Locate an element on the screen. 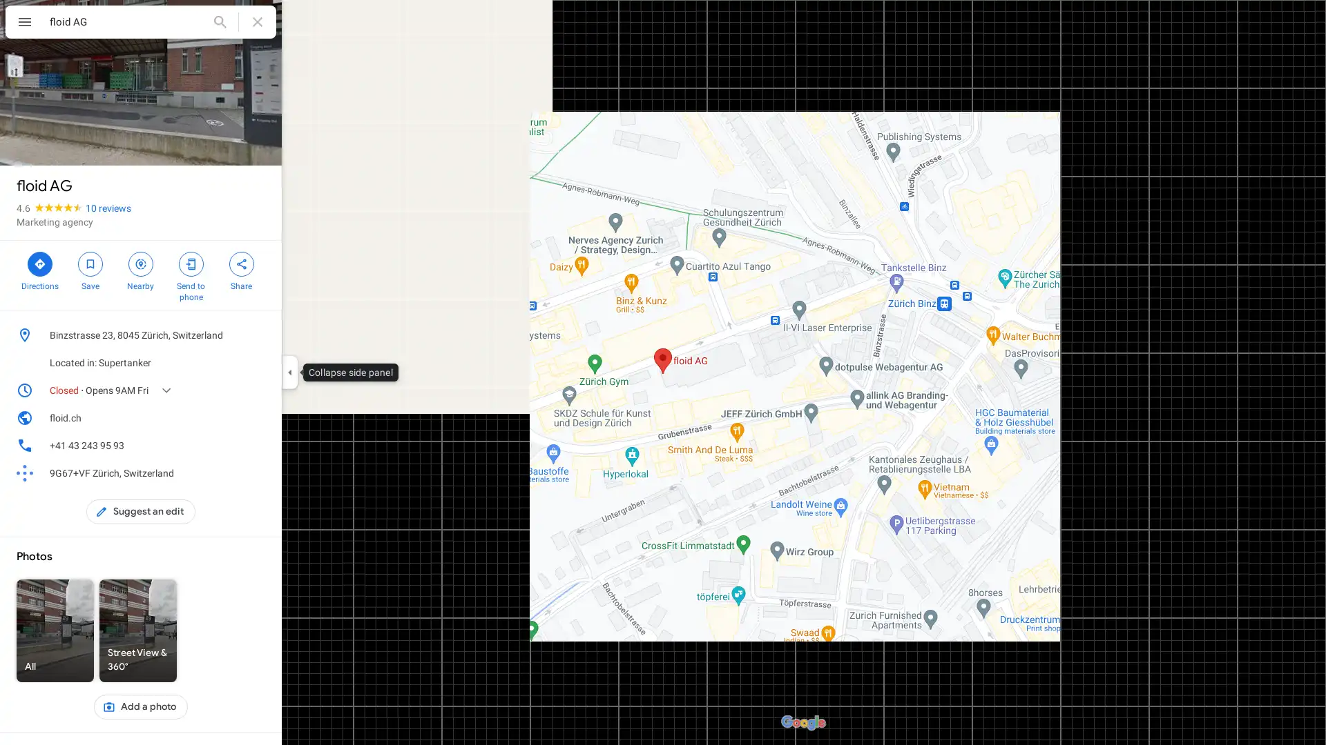 Image resolution: width=1326 pixels, height=745 pixels. Clear search is located at coordinates (258, 21).